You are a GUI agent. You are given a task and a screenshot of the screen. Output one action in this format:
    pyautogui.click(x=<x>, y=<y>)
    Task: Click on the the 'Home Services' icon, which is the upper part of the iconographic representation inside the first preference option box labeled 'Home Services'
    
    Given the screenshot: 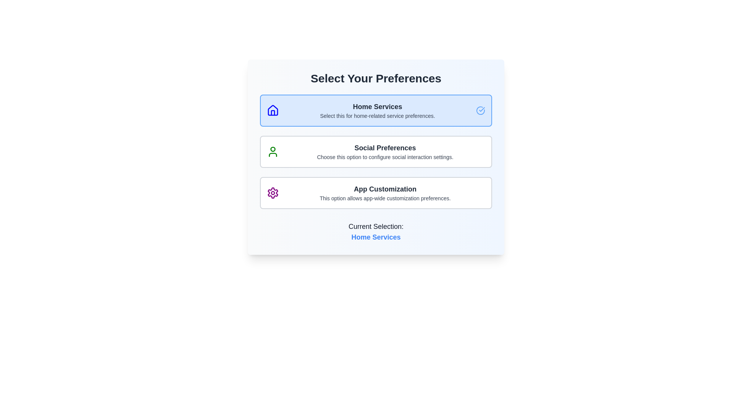 What is the action you would take?
    pyautogui.click(x=273, y=110)
    